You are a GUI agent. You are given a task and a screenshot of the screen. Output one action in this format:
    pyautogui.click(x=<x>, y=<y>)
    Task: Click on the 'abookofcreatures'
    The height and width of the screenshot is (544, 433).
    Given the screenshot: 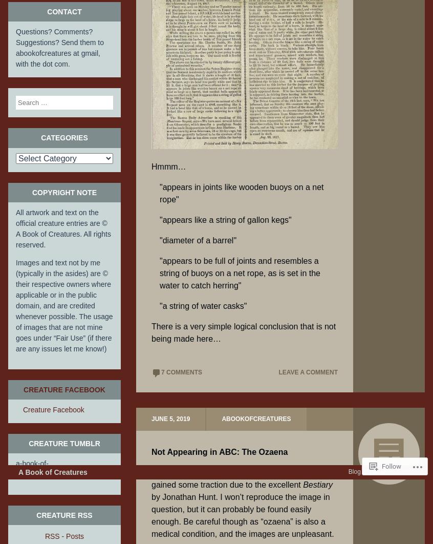 What is the action you would take?
    pyautogui.click(x=221, y=417)
    